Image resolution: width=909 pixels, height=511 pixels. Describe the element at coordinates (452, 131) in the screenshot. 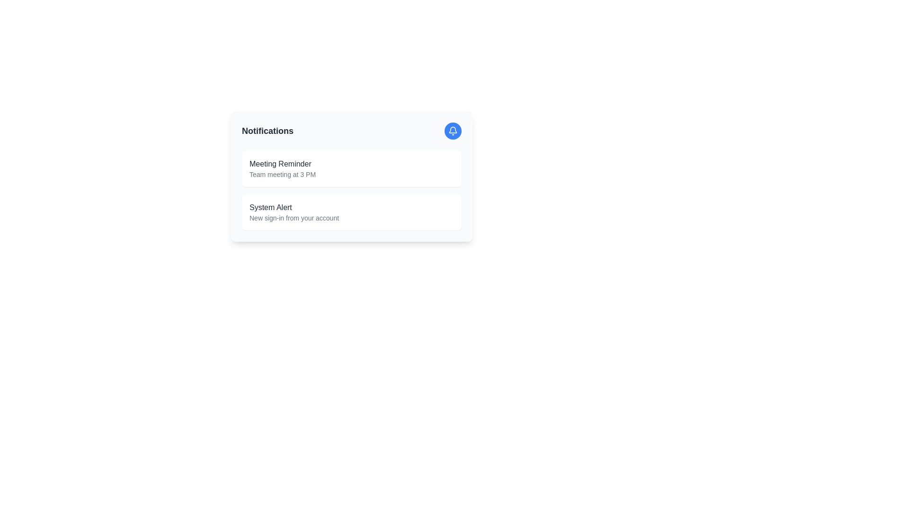

I see `the circular blue button with a white bell icon` at that location.